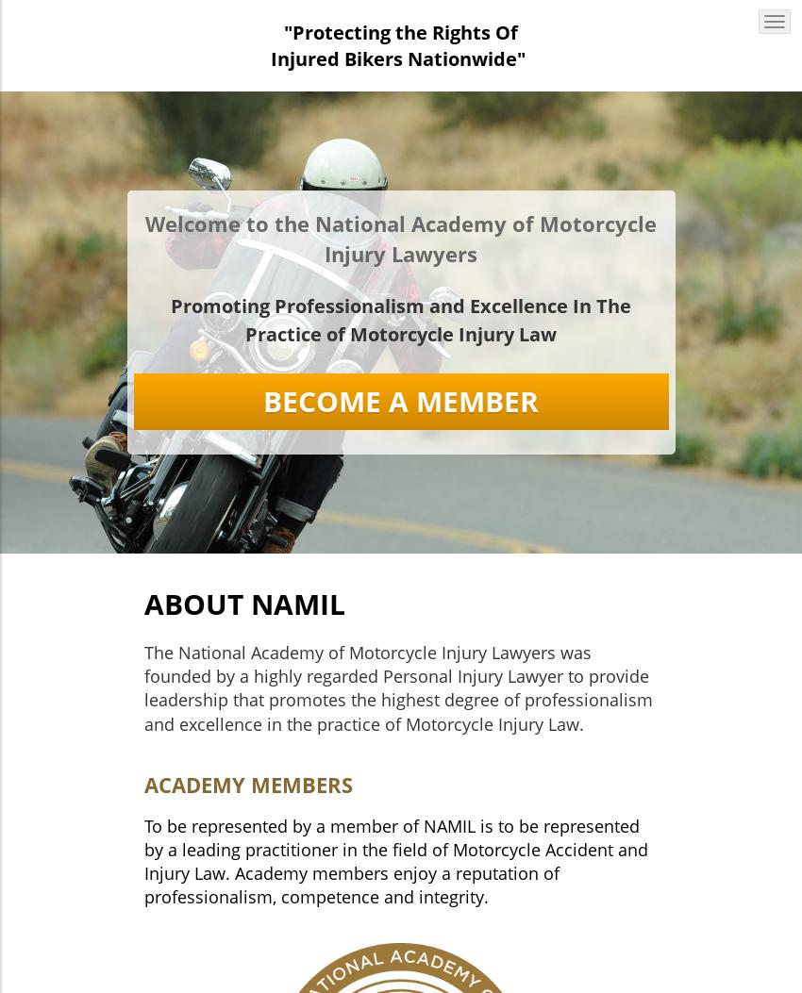 This screenshot has width=802, height=993. What do you see at coordinates (394, 859) in the screenshot?
I see `'To be represented by a member of NAMIL is to be represented by a leading practitioner in the field of Motorcycle Accident and Injury Law. Academy members enjoy a reputation of professionalism, competence and integrity.'` at bounding box center [394, 859].